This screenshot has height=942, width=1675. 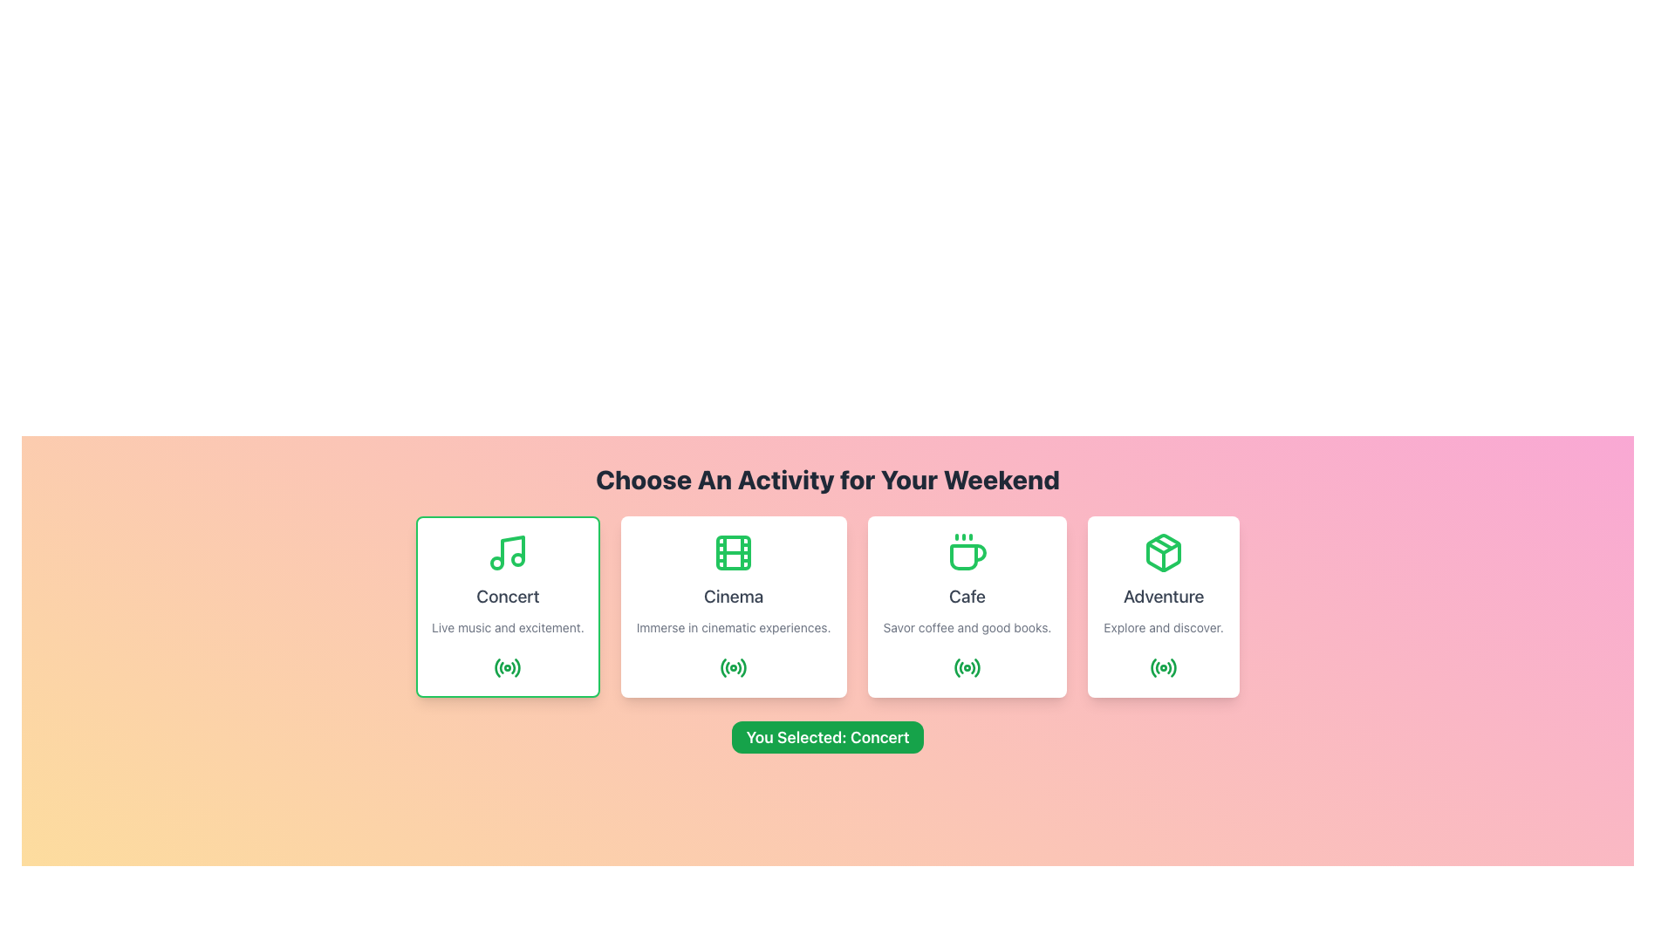 What do you see at coordinates (1164, 547) in the screenshot?
I see `the green triangular graphic within the fourth card labeled 'Adventure', which is part of the icon representing a package or box` at bounding box center [1164, 547].